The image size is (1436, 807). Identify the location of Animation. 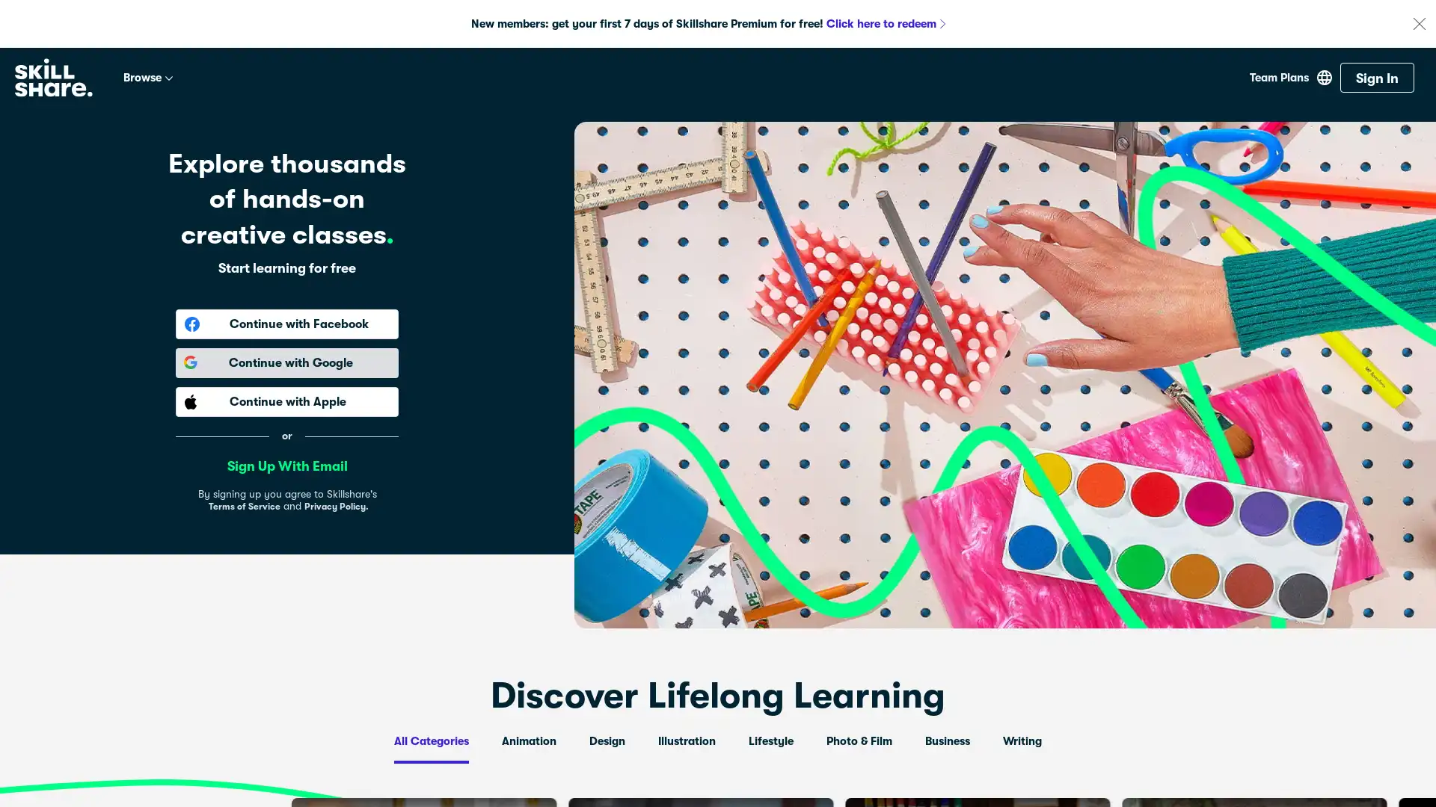
(529, 746).